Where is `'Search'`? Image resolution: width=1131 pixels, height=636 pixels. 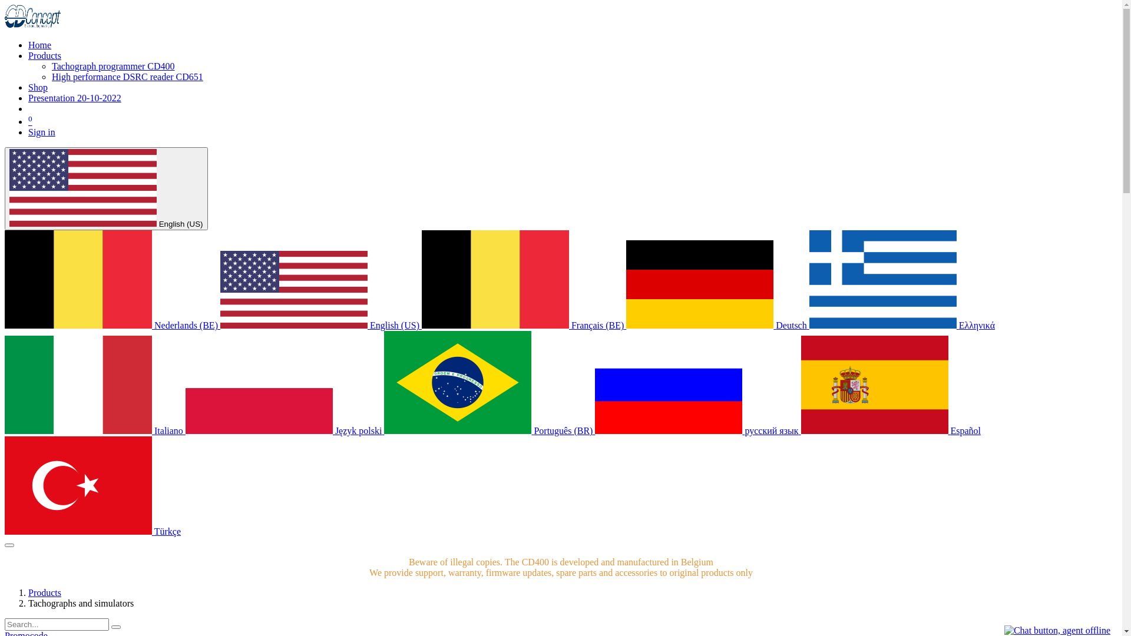
'Search' is located at coordinates (115, 626).